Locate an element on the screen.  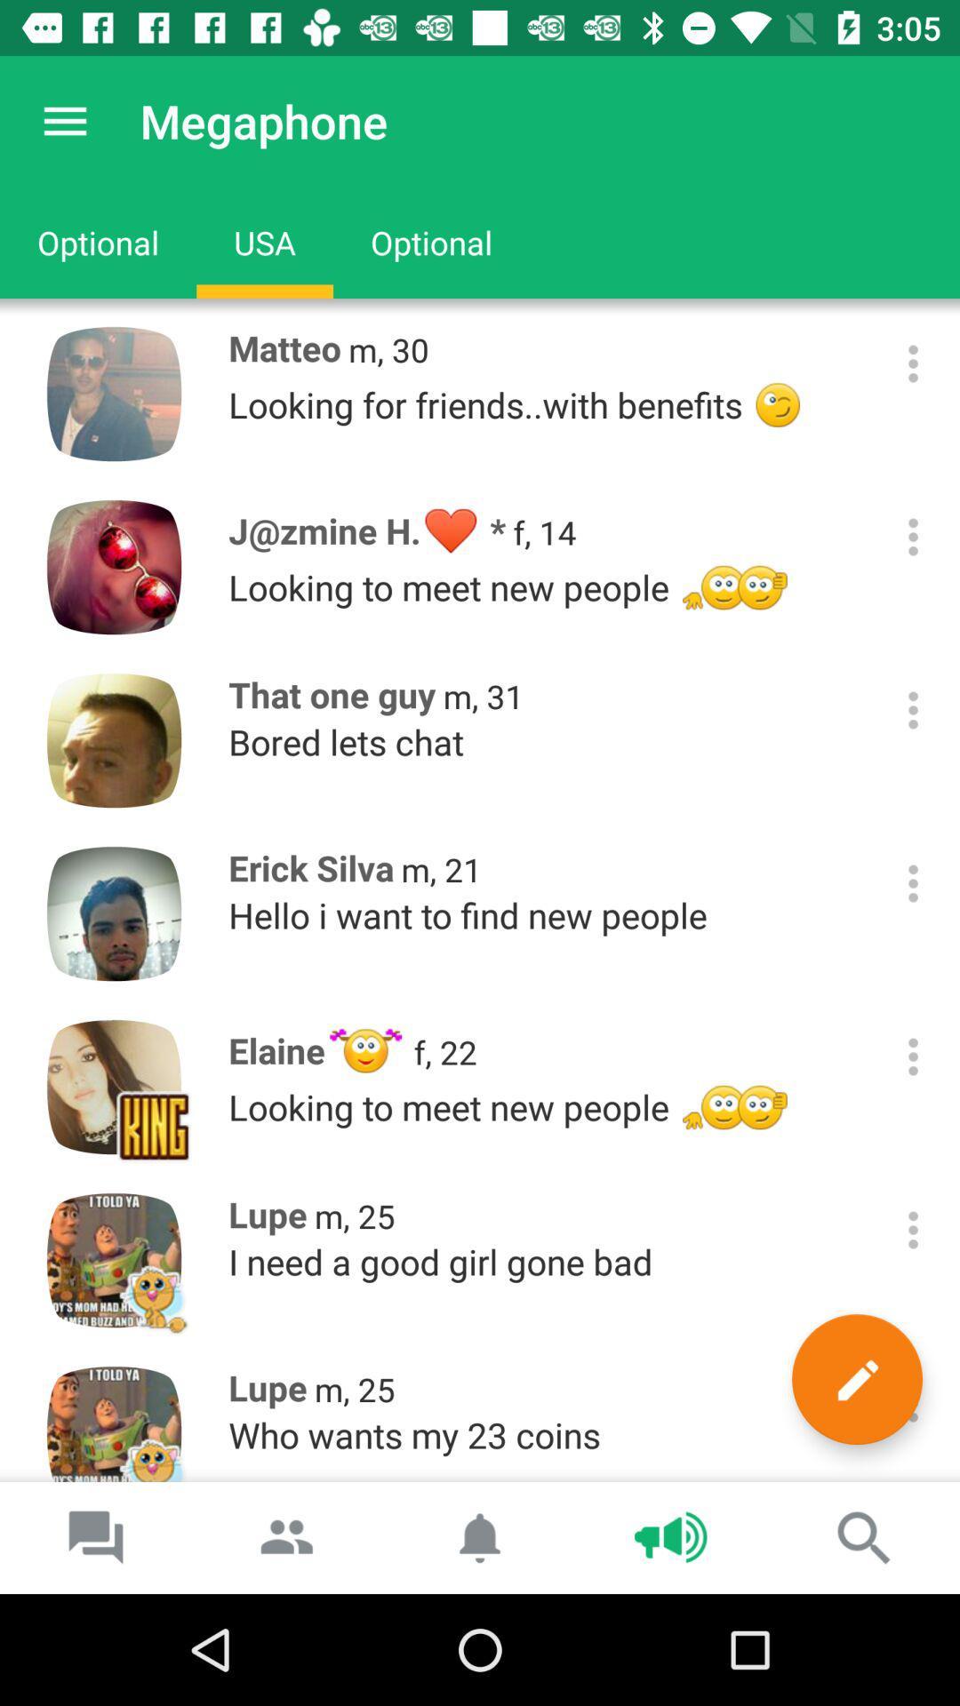
icon next to megaphone icon is located at coordinates (64, 120).